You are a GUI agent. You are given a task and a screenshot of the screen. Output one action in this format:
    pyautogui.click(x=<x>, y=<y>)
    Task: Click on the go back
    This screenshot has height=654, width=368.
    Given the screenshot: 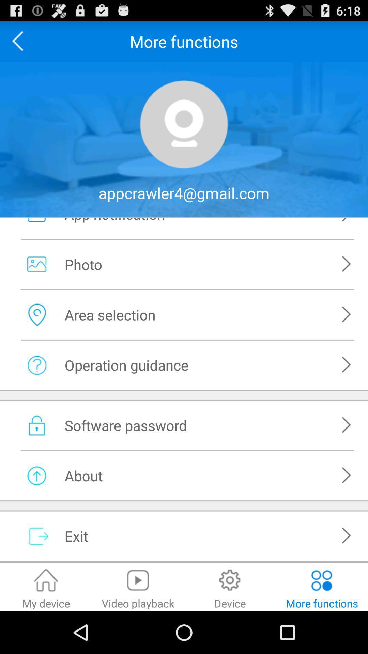 What is the action you would take?
    pyautogui.click(x=20, y=41)
    